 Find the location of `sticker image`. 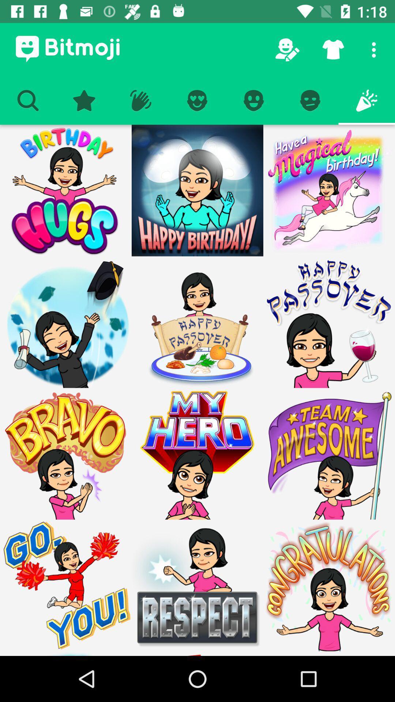

sticker image is located at coordinates (197, 322).